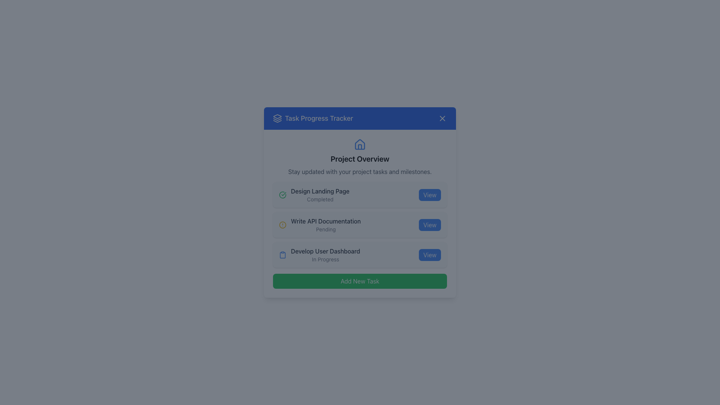  I want to click on the button located at the rightmost end of the row for the completed task titled 'Design Landing Page', so click(430, 195).